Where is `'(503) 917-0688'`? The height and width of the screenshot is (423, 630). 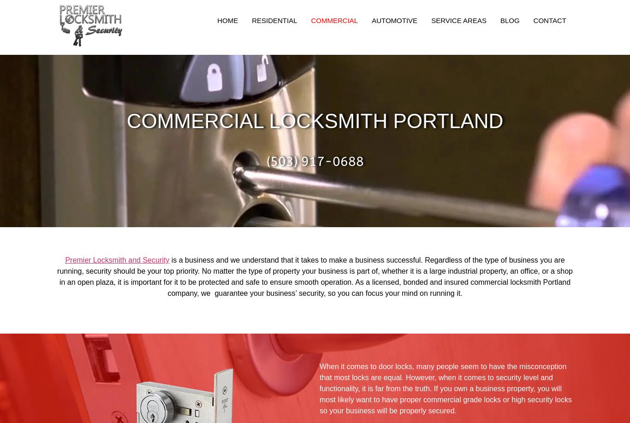 '(503) 917-0688' is located at coordinates (314, 161).